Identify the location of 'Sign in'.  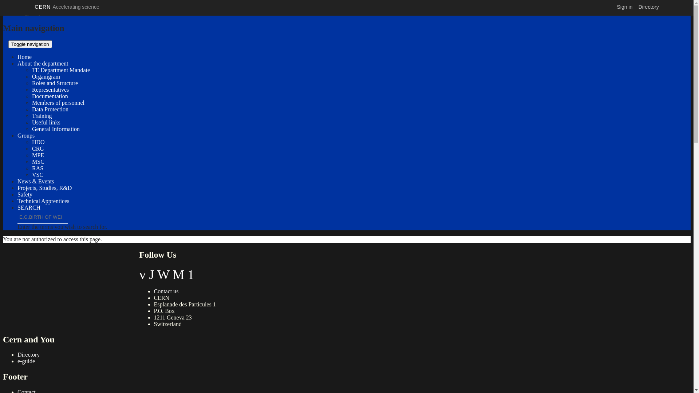
(624, 7).